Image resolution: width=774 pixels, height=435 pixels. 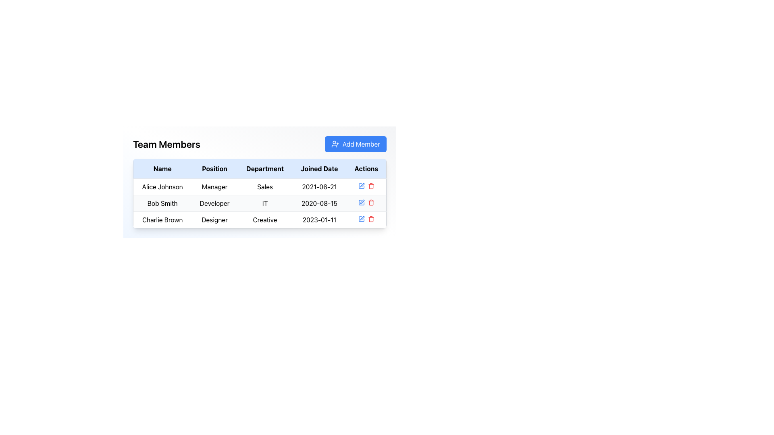 I want to click on the text label displaying 'Bob Smith', so click(x=162, y=203).